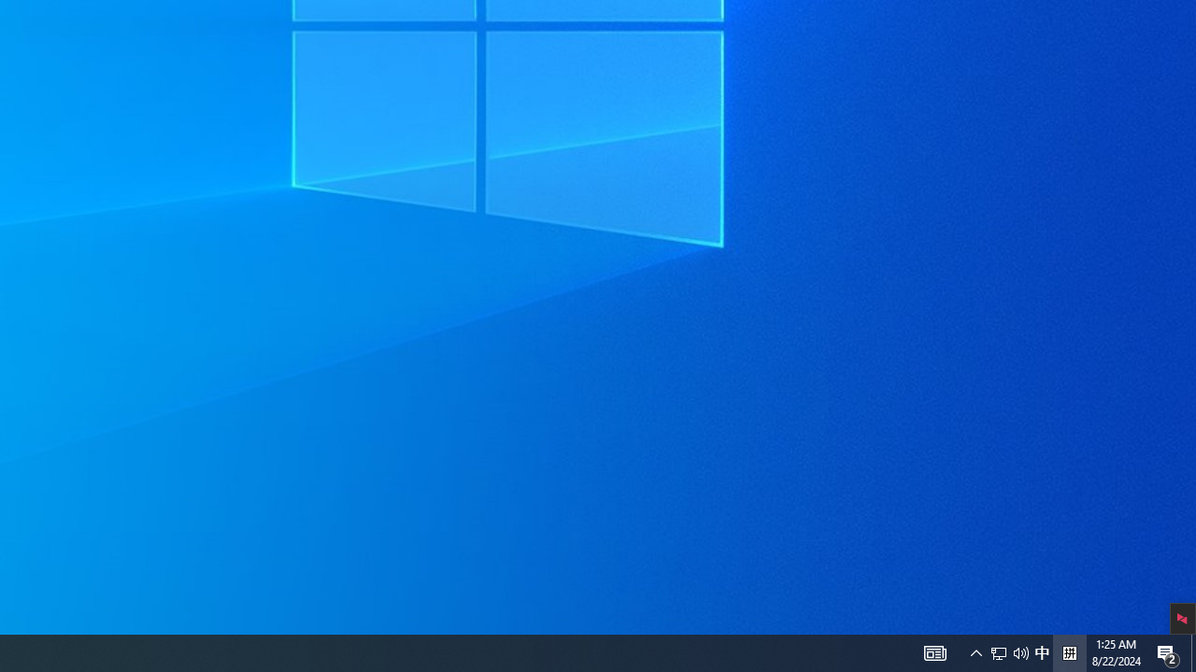  I want to click on 'Notification Chevron', so click(998, 651).